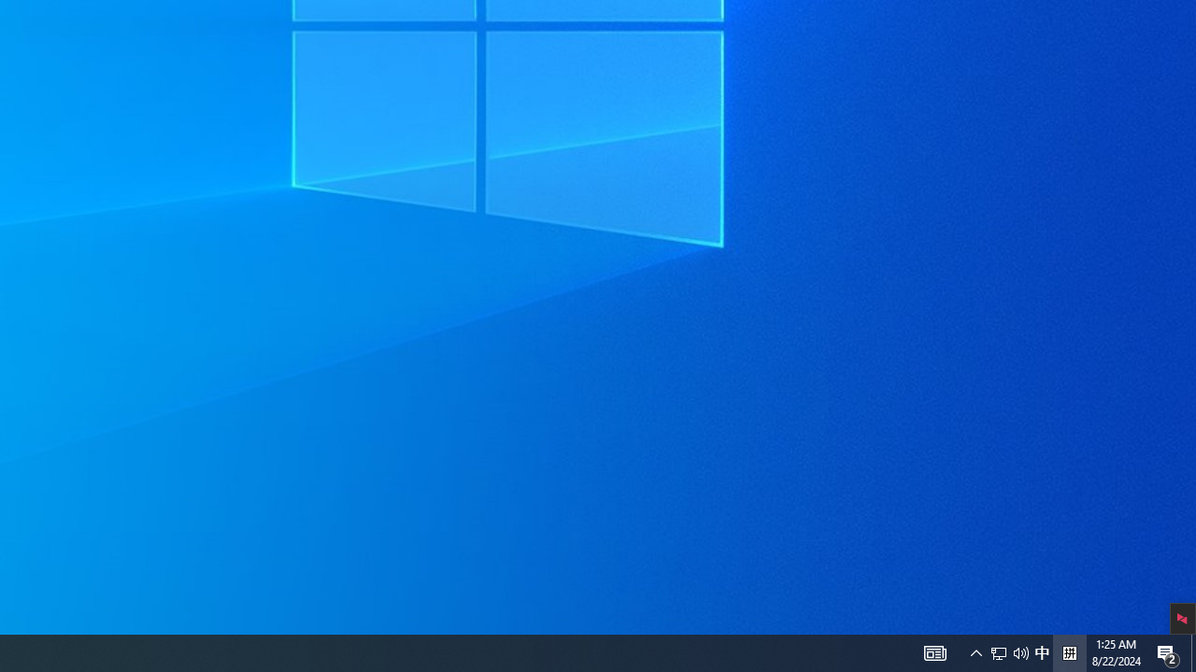  I want to click on 'Notification Chevron', so click(998, 651).